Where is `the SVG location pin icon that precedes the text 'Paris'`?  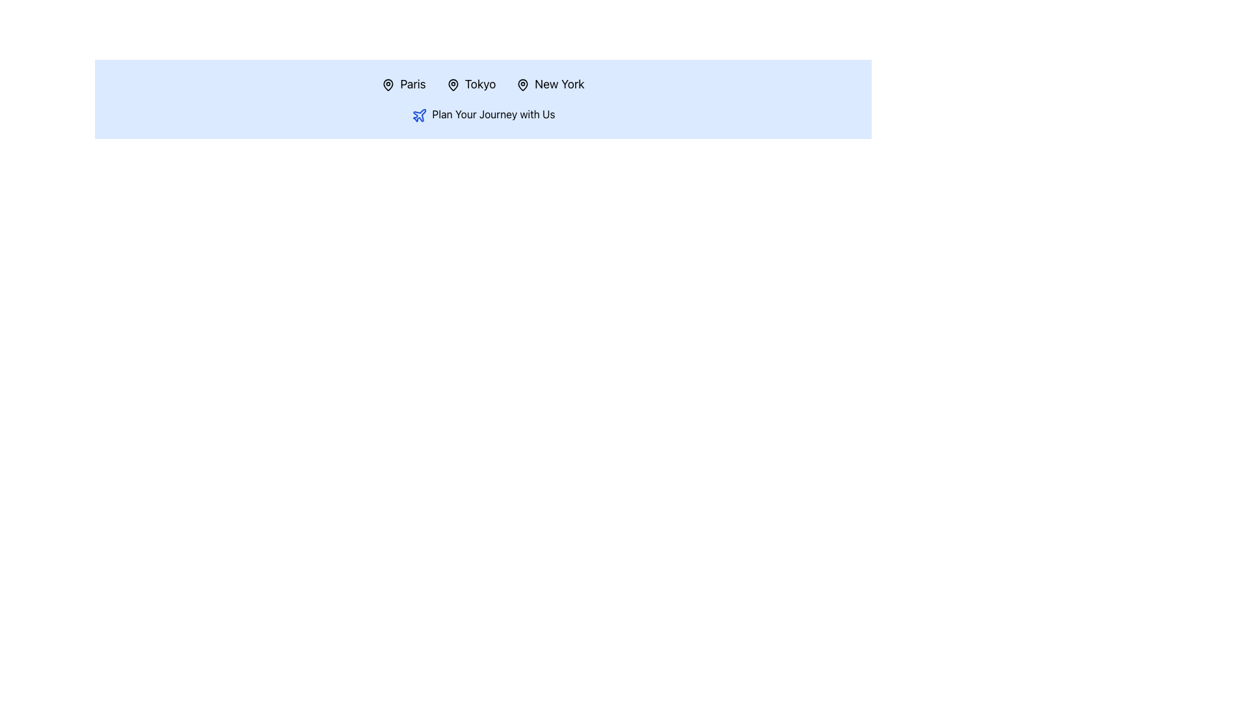 the SVG location pin icon that precedes the text 'Paris' is located at coordinates (388, 85).